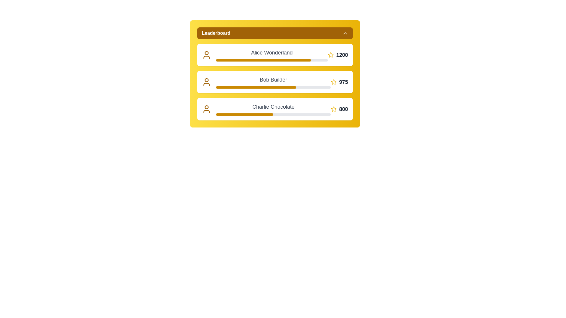 The image size is (566, 318). Describe the element at coordinates (334, 82) in the screenshot. I see `the star-shaped icon with a yellow outline located adjacent to the score '975' in the leaderboard list` at that location.